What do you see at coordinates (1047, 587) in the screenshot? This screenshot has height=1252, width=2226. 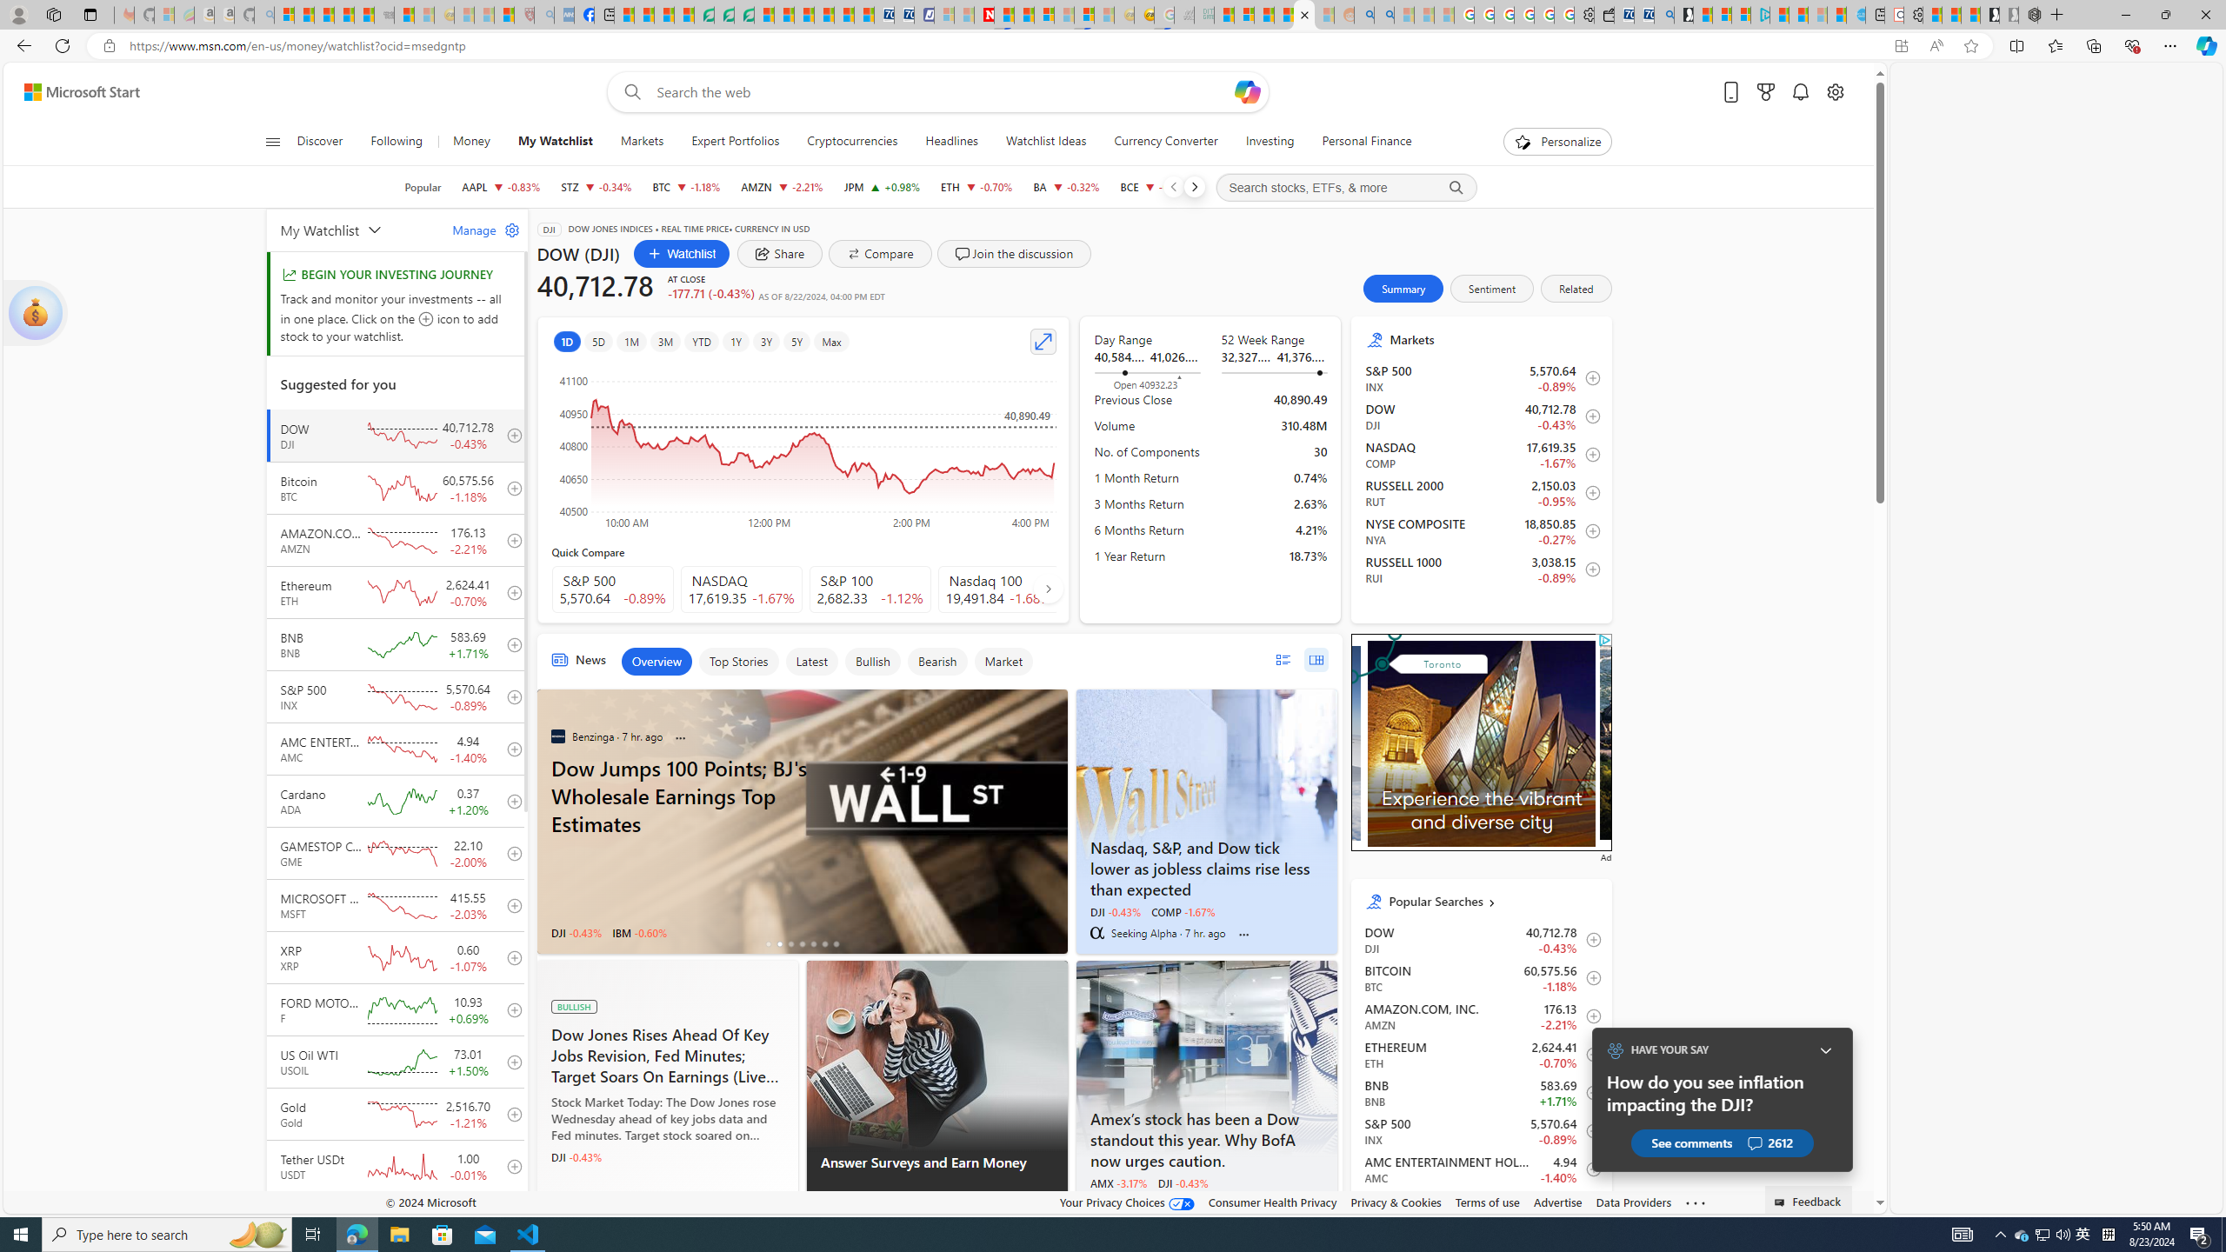 I see `'AutomationID: finance_carousel_navi_right'` at bounding box center [1047, 587].